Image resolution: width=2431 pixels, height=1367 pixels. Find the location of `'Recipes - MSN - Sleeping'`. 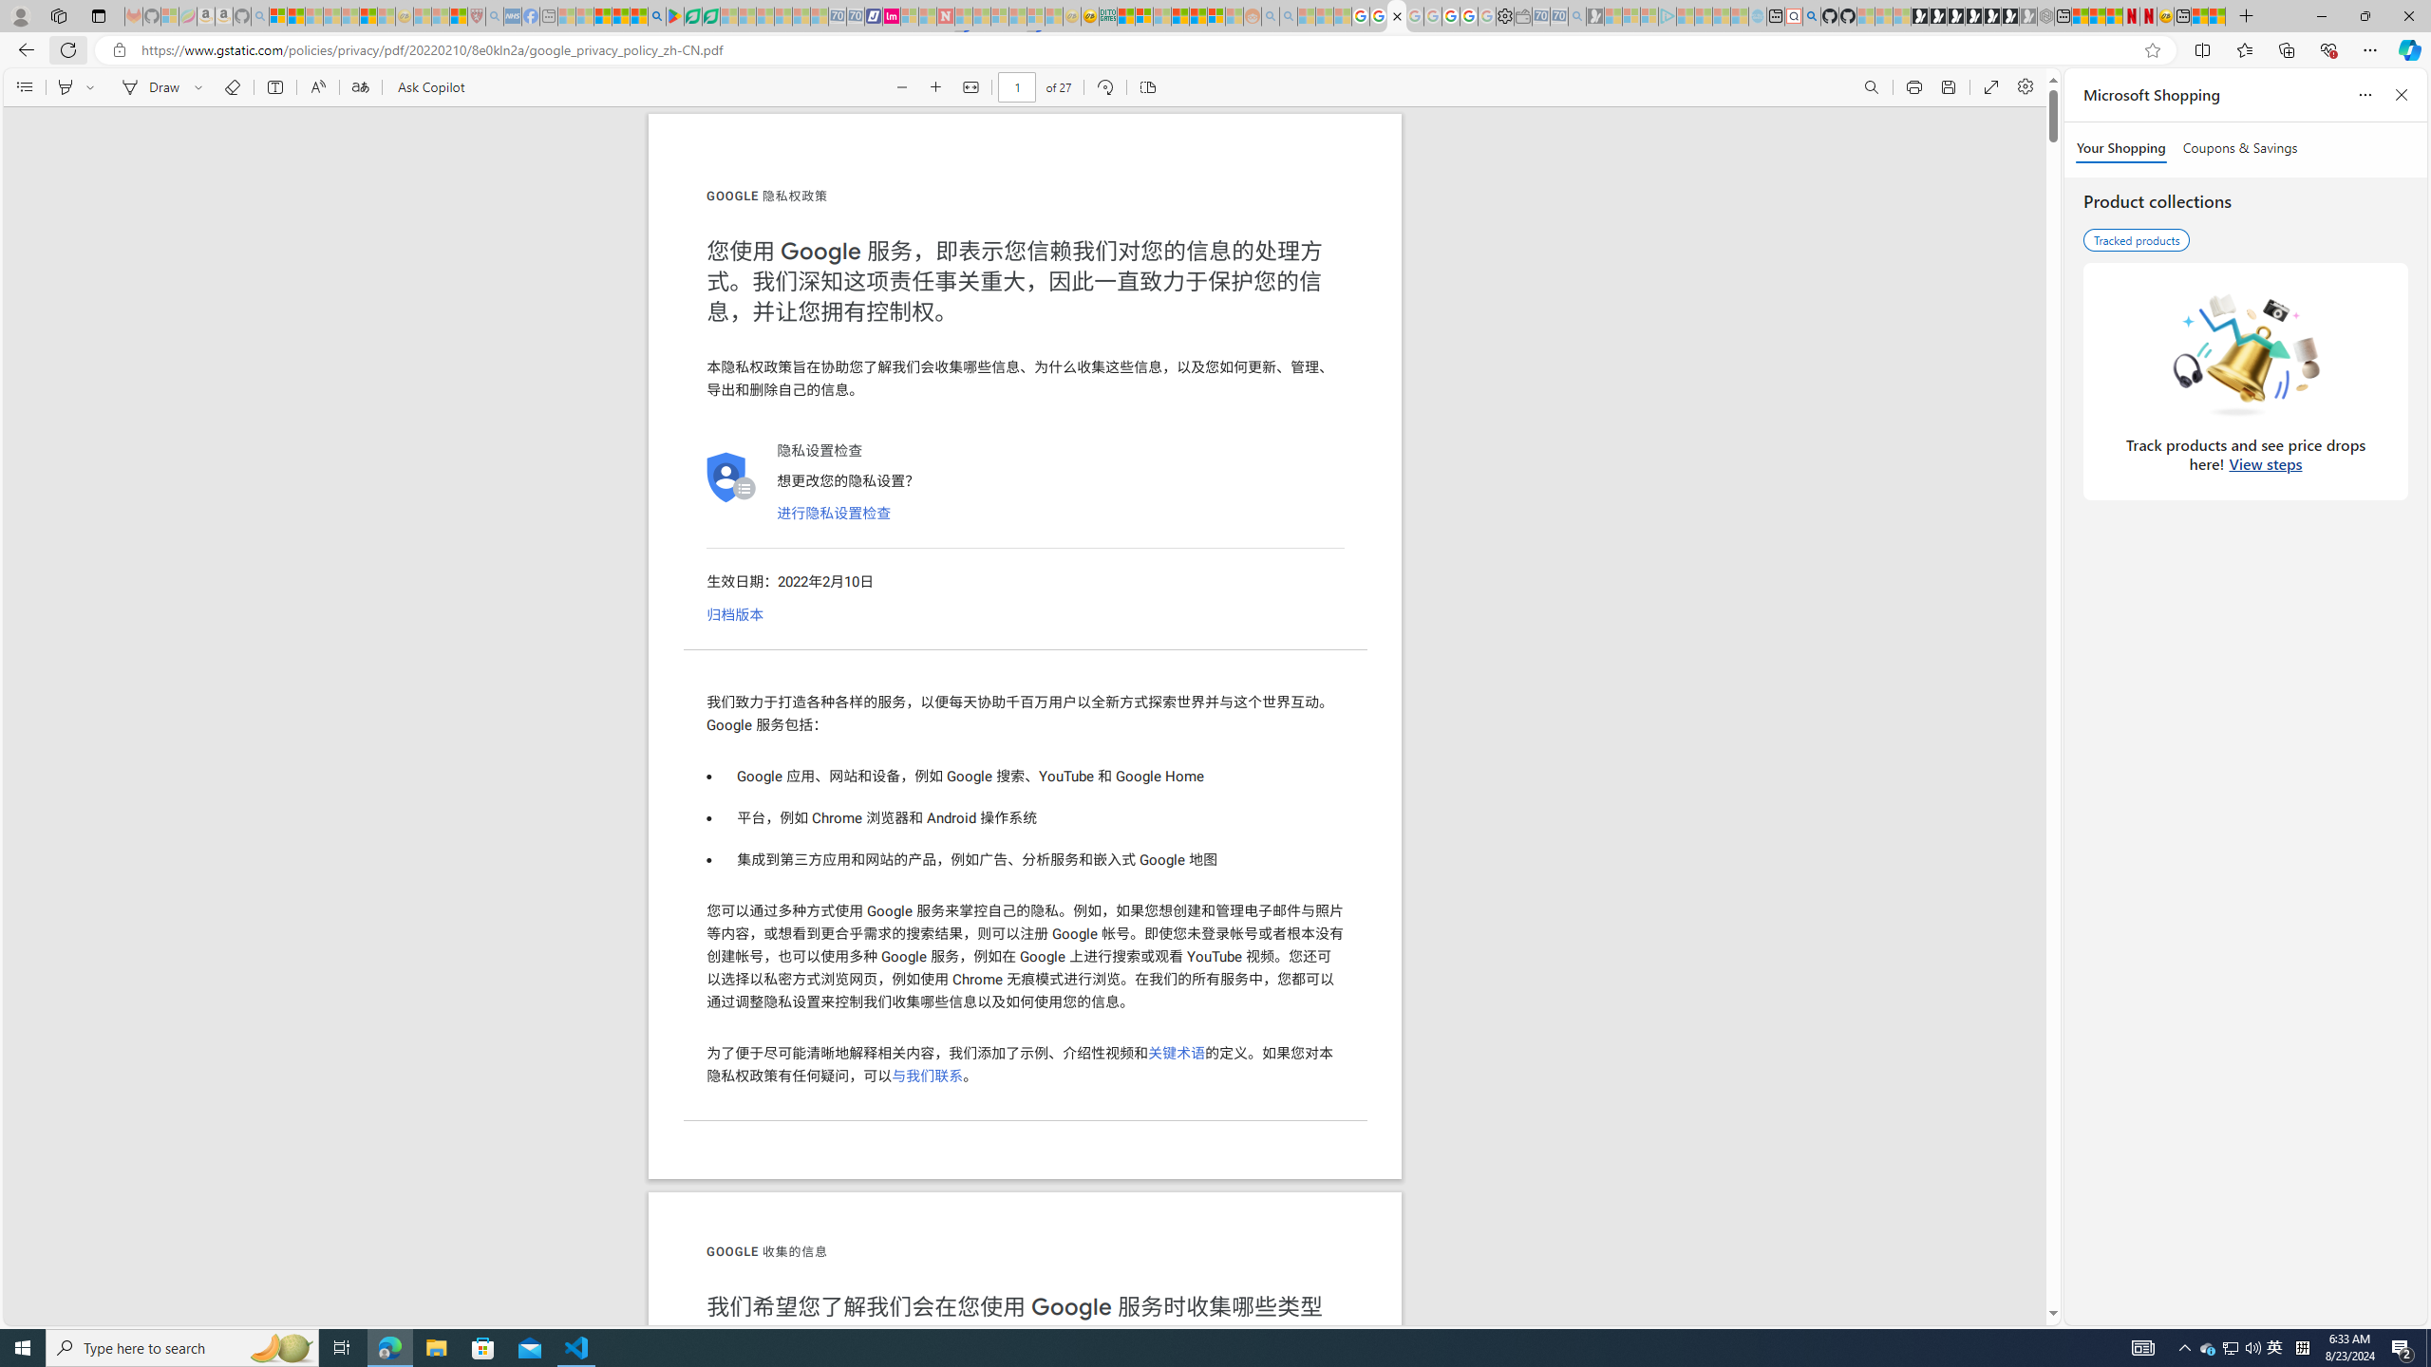

'Recipes - MSN - Sleeping' is located at coordinates (422, 15).